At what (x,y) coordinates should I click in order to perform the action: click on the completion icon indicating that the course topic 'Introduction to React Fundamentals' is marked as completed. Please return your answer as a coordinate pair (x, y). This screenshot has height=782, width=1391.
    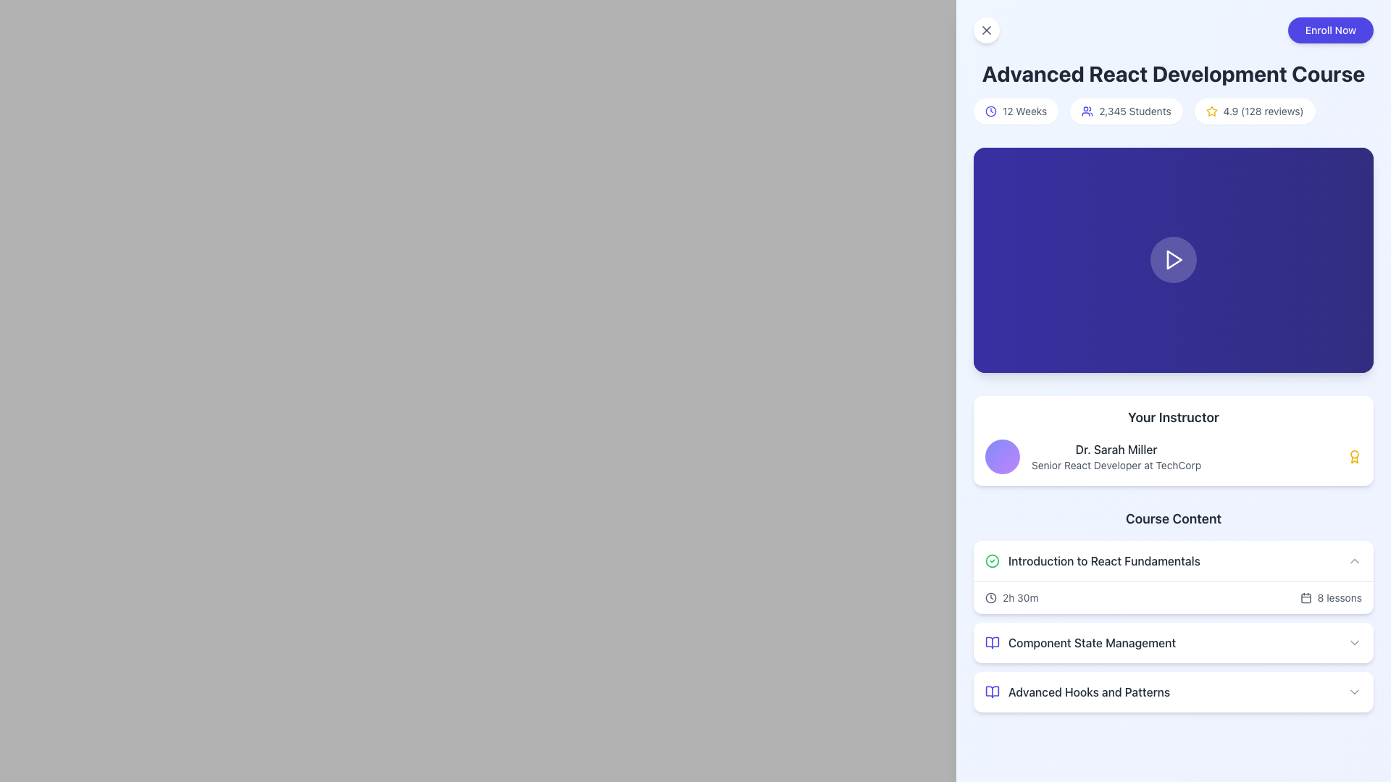
    Looking at the image, I should click on (991, 560).